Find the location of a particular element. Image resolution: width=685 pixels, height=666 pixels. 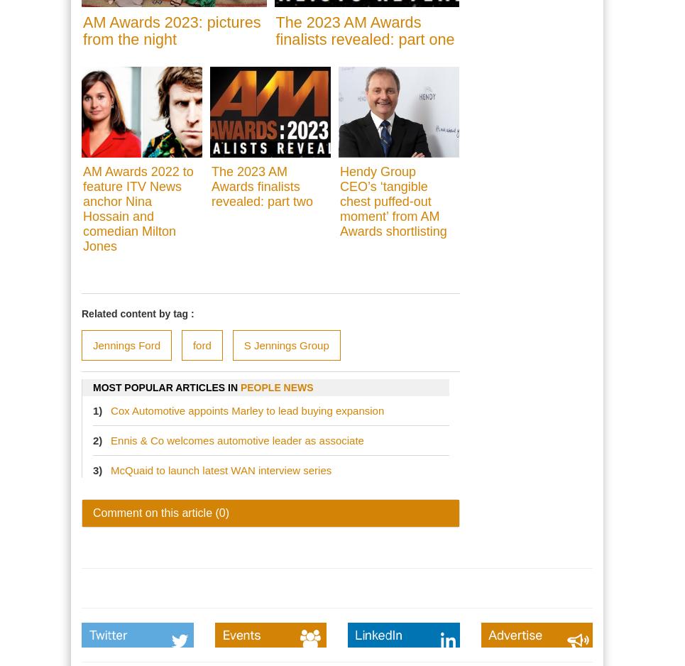

'Most popular articles' is located at coordinates (160, 388).